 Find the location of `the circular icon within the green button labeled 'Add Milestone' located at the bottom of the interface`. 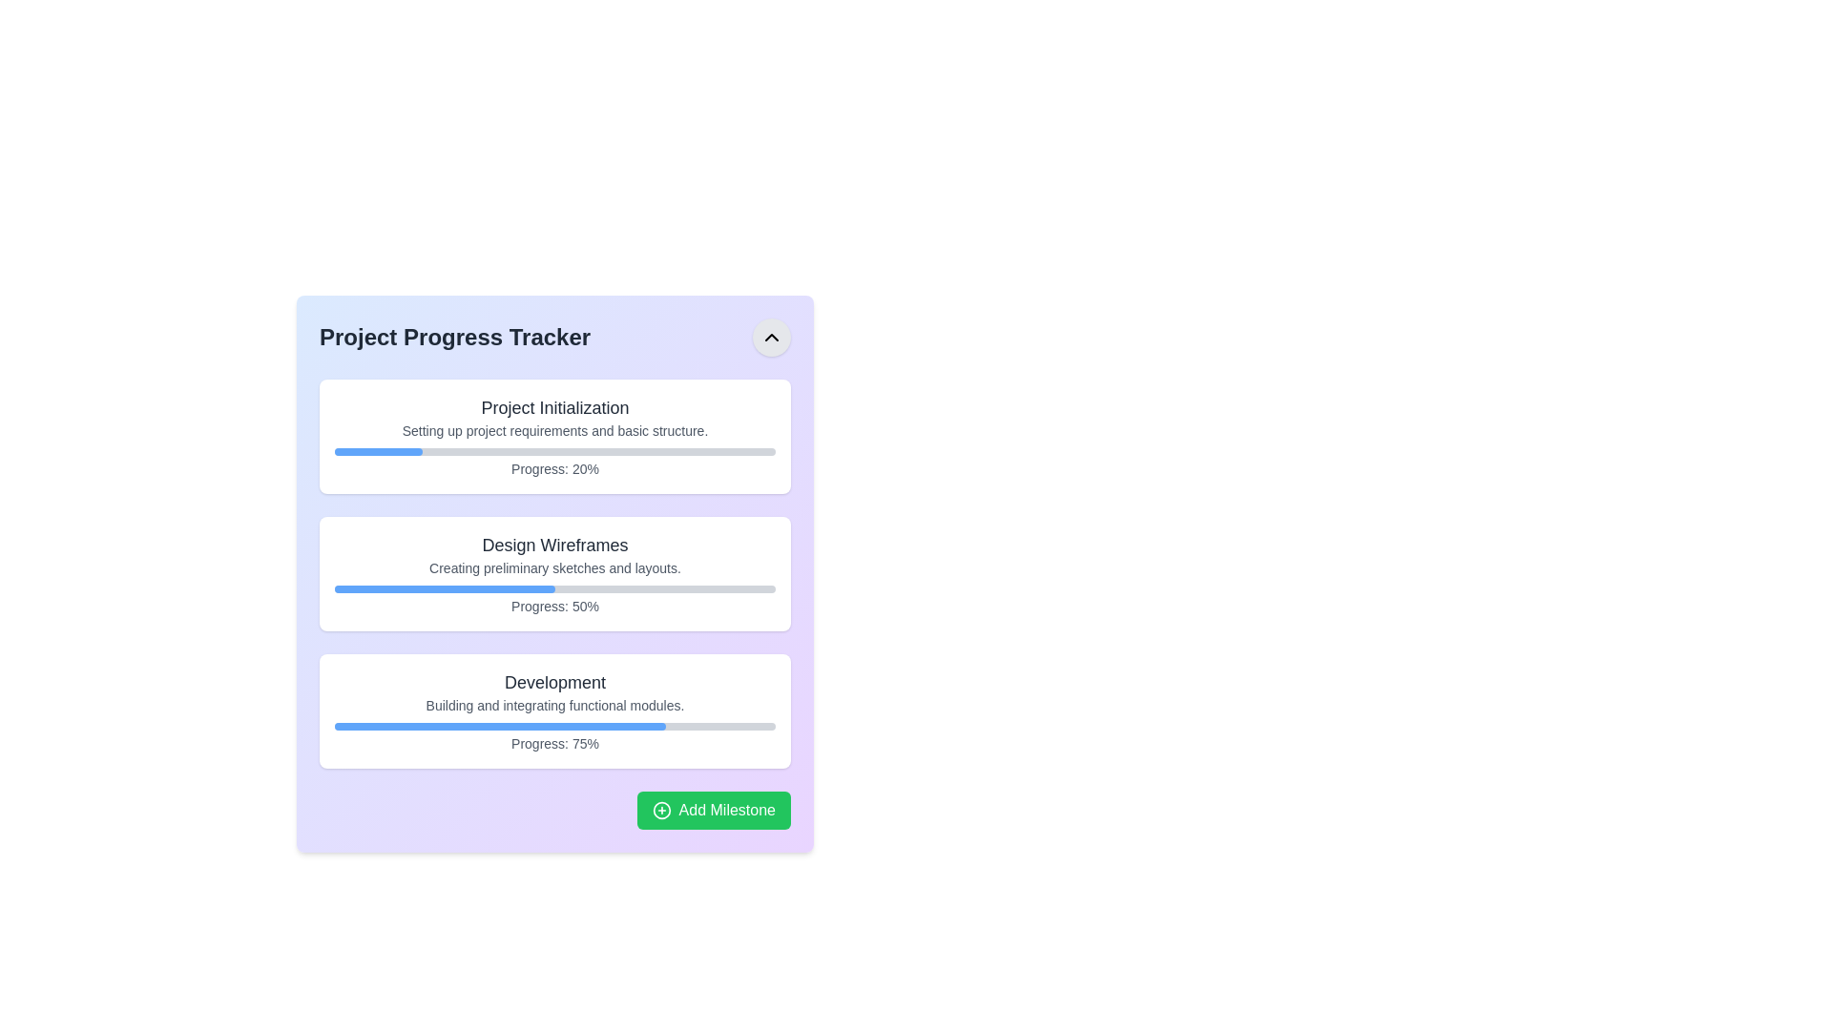

the circular icon within the green button labeled 'Add Milestone' located at the bottom of the interface is located at coordinates (661, 810).